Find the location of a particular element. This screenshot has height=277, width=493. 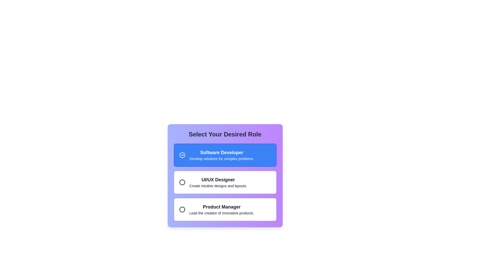

the Interactive selector for the 'Product Manager' option, which features a white background, rounded corners, and bold text, positioned below the 'UI/UX Designer' option is located at coordinates (225, 210).